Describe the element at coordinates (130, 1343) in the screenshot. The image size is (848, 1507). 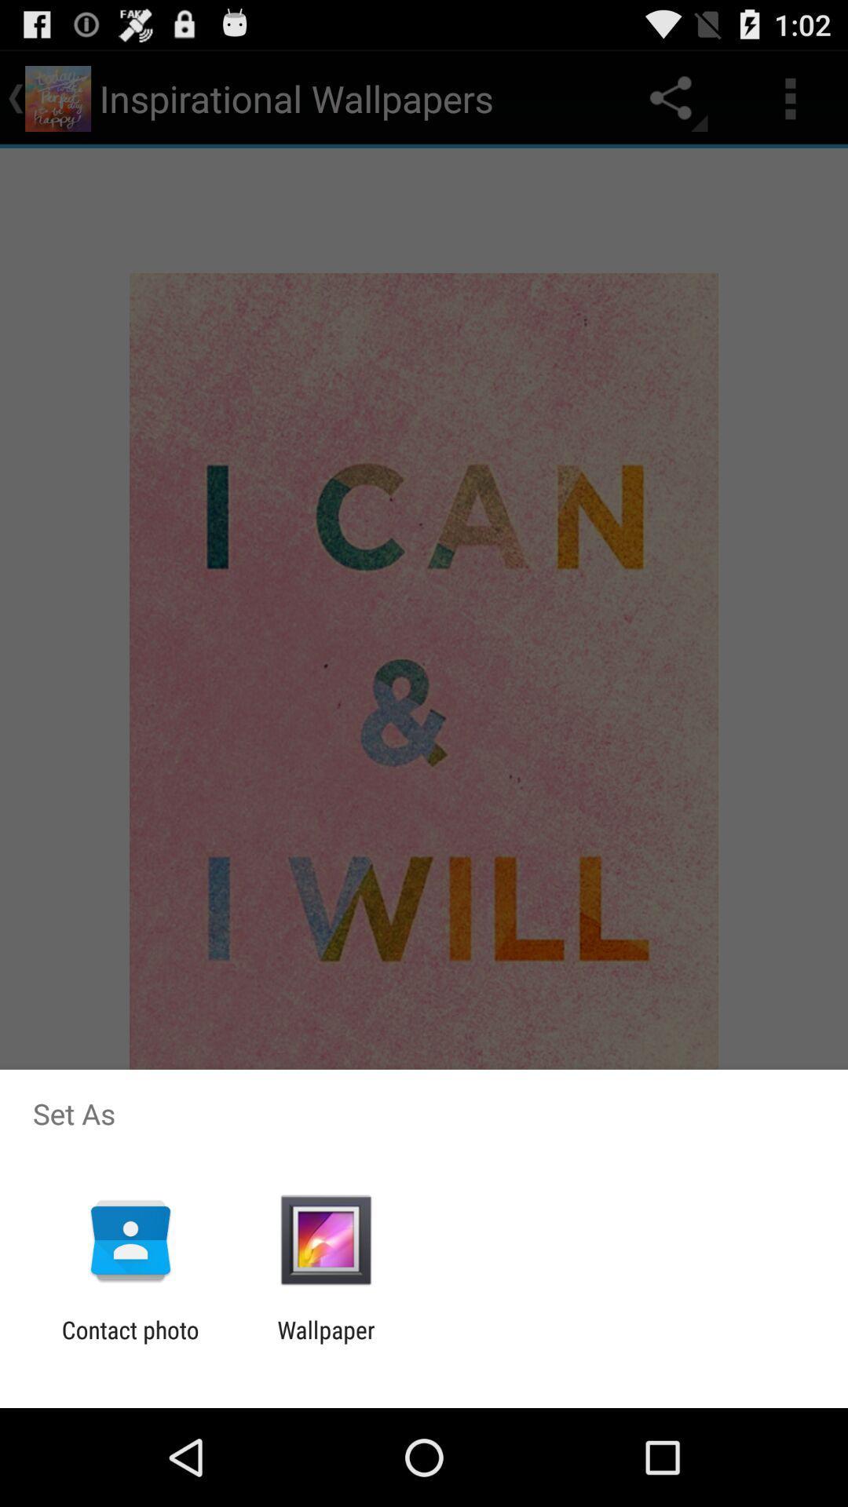
I see `the icon next to the wallpaper` at that location.